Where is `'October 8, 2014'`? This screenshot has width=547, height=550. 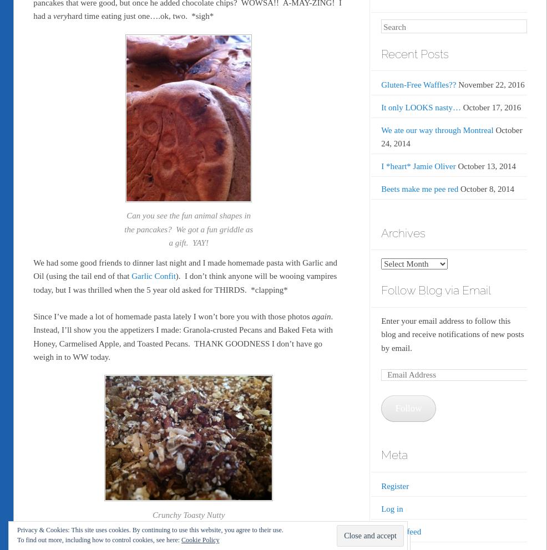
'October 8, 2014' is located at coordinates (487, 187).